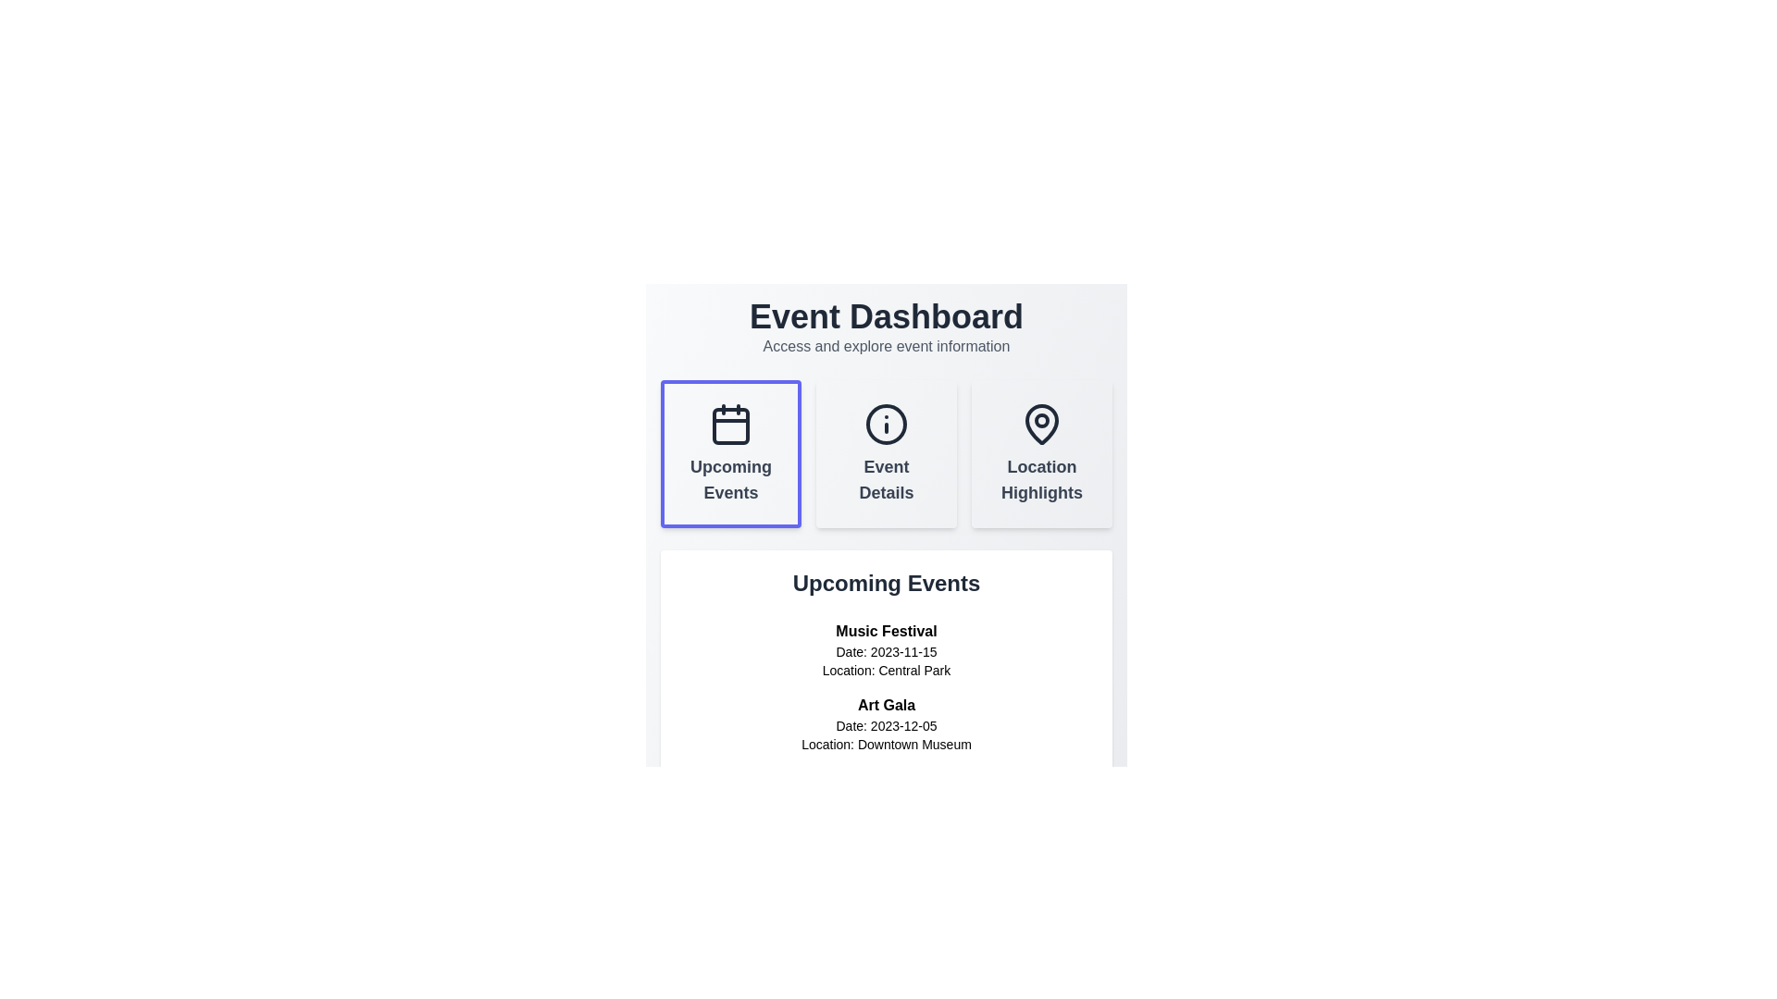 Image resolution: width=1777 pixels, height=999 pixels. What do you see at coordinates (886, 671) in the screenshot?
I see `the text label displaying 'Location: Central Park', which is positioned beneath the event details of 'Music Festival'` at bounding box center [886, 671].